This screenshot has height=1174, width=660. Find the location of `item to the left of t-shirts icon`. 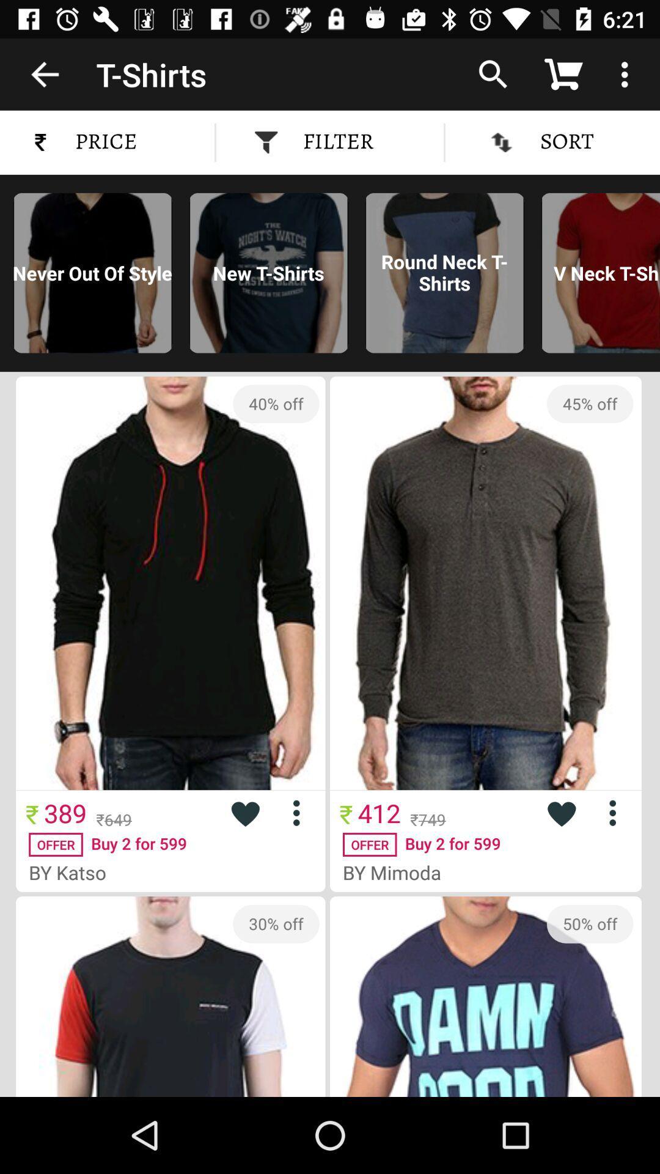

item to the left of t-shirts icon is located at coordinates (44, 73).